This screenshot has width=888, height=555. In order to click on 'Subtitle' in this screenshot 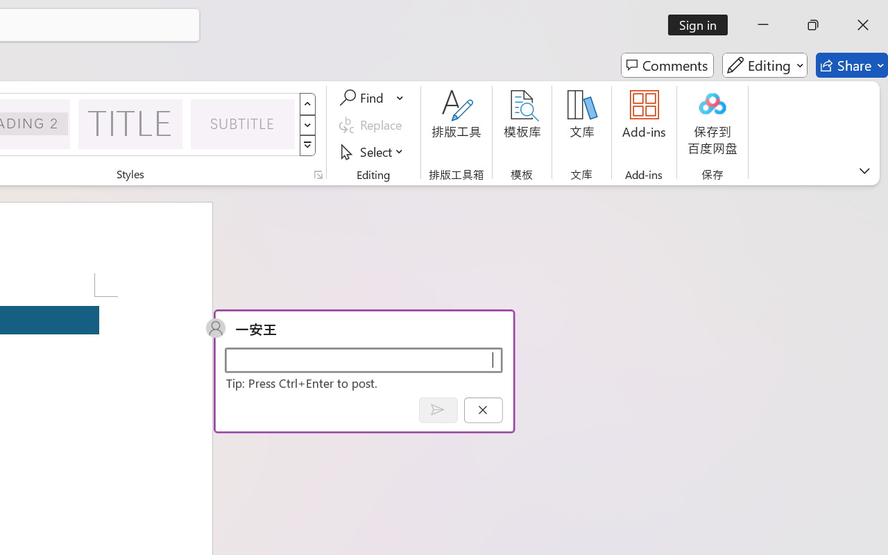, I will do `click(243, 123)`.